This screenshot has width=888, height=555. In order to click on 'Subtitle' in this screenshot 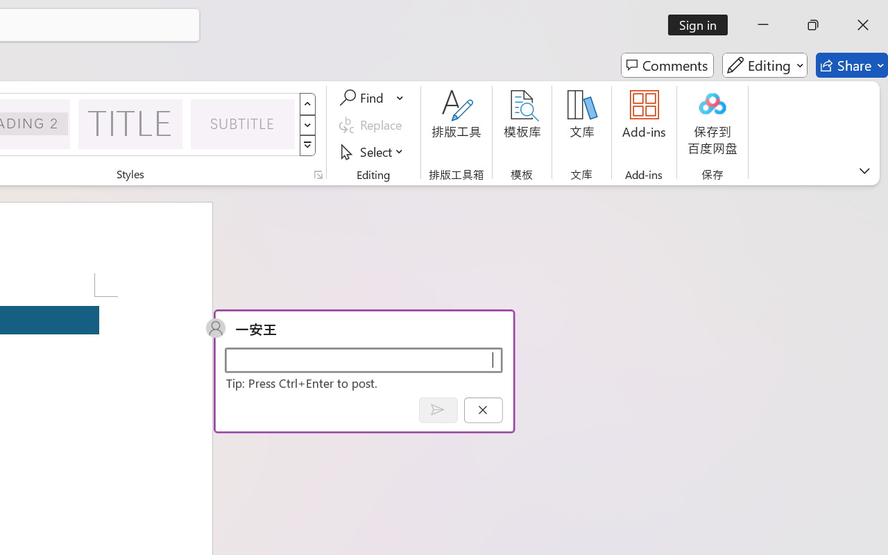, I will do `click(243, 123)`.